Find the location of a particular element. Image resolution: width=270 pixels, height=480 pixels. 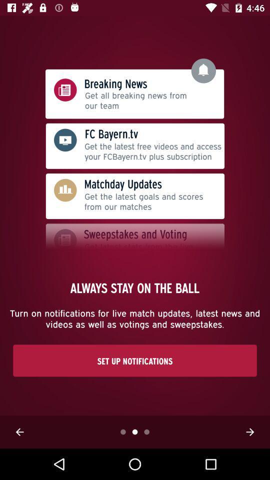

previous is located at coordinates (19, 431).